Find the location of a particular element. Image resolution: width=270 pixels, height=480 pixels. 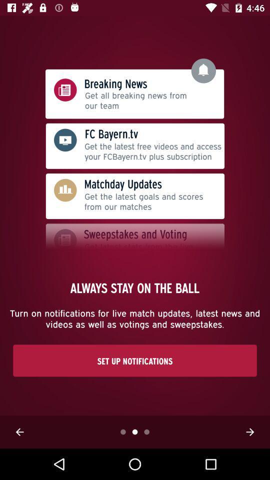

previous is located at coordinates (19, 431).